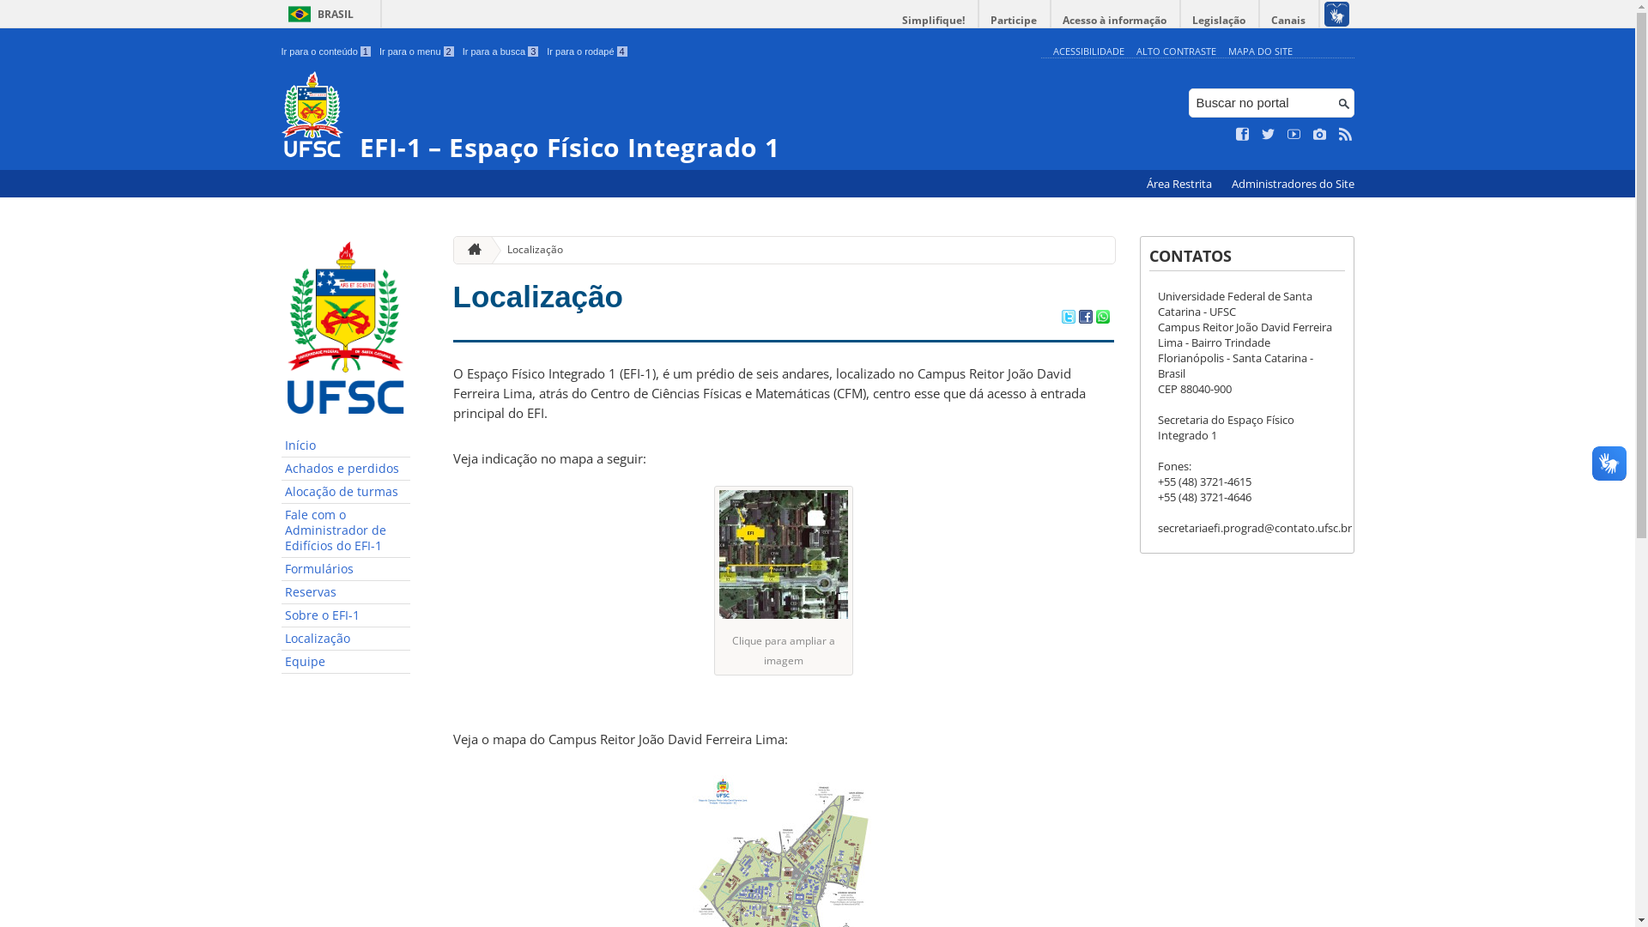 The image size is (1648, 927). Describe the element at coordinates (416, 51) in the screenshot. I see `'Ir para o menu 2'` at that location.